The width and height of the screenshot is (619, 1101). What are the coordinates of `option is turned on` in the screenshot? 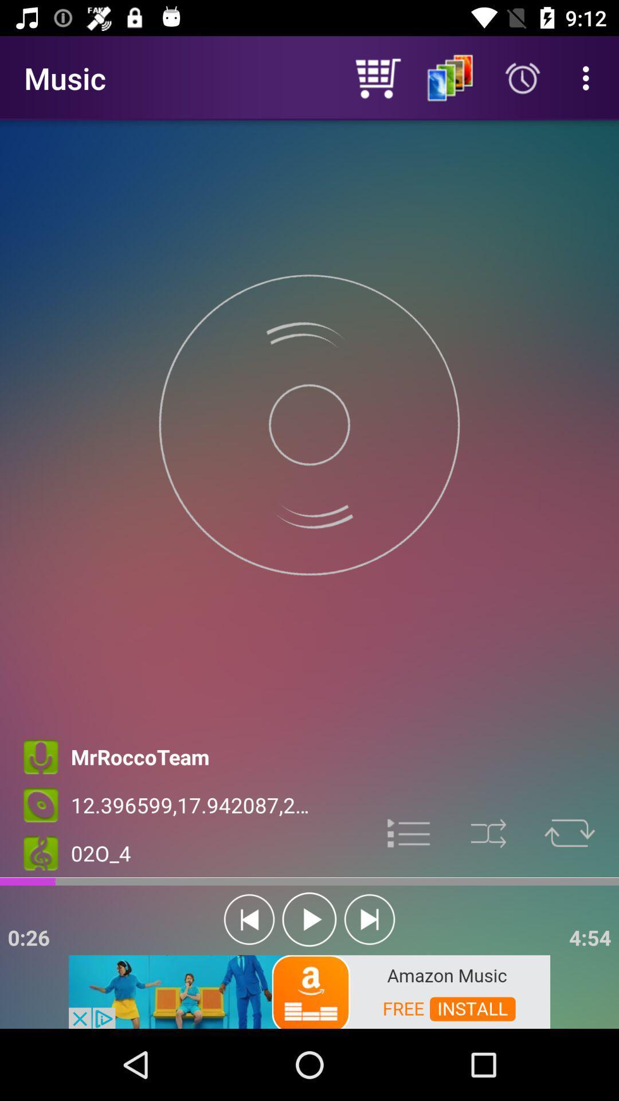 It's located at (309, 919).